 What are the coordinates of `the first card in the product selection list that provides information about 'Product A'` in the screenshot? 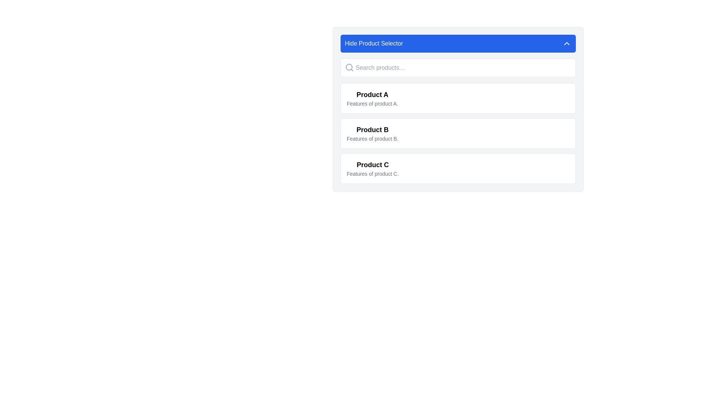 It's located at (457, 98).